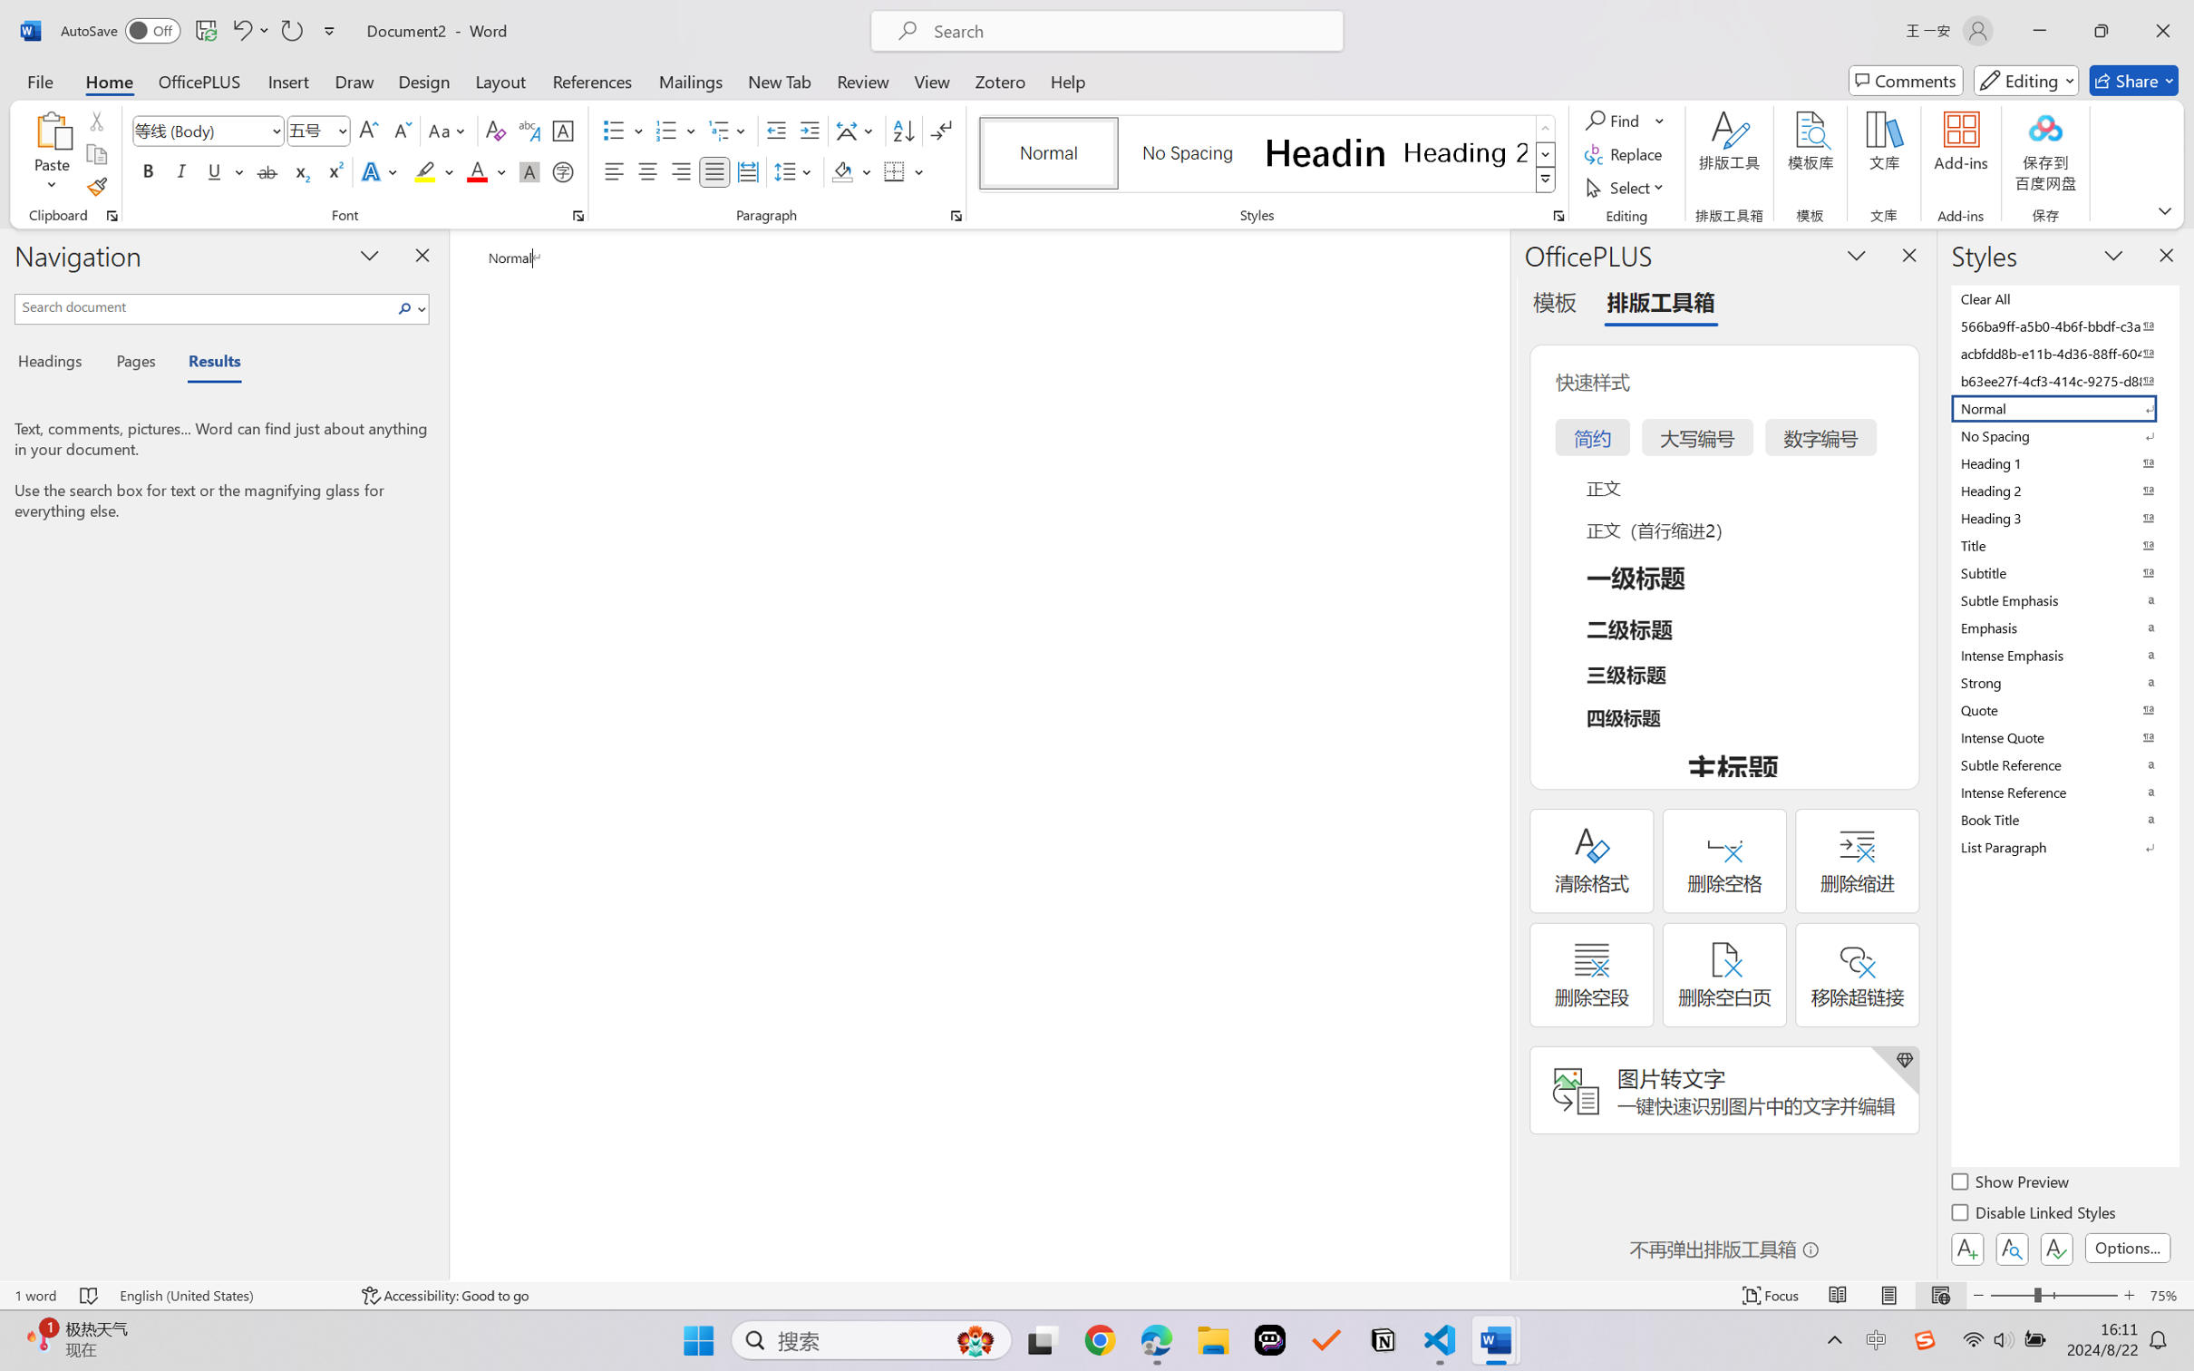 The height and width of the screenshot is (1371, 2194). Describe the element at coordinates (563, 170) in the screenshot. I see `'Enclose Characters...'` at that location.